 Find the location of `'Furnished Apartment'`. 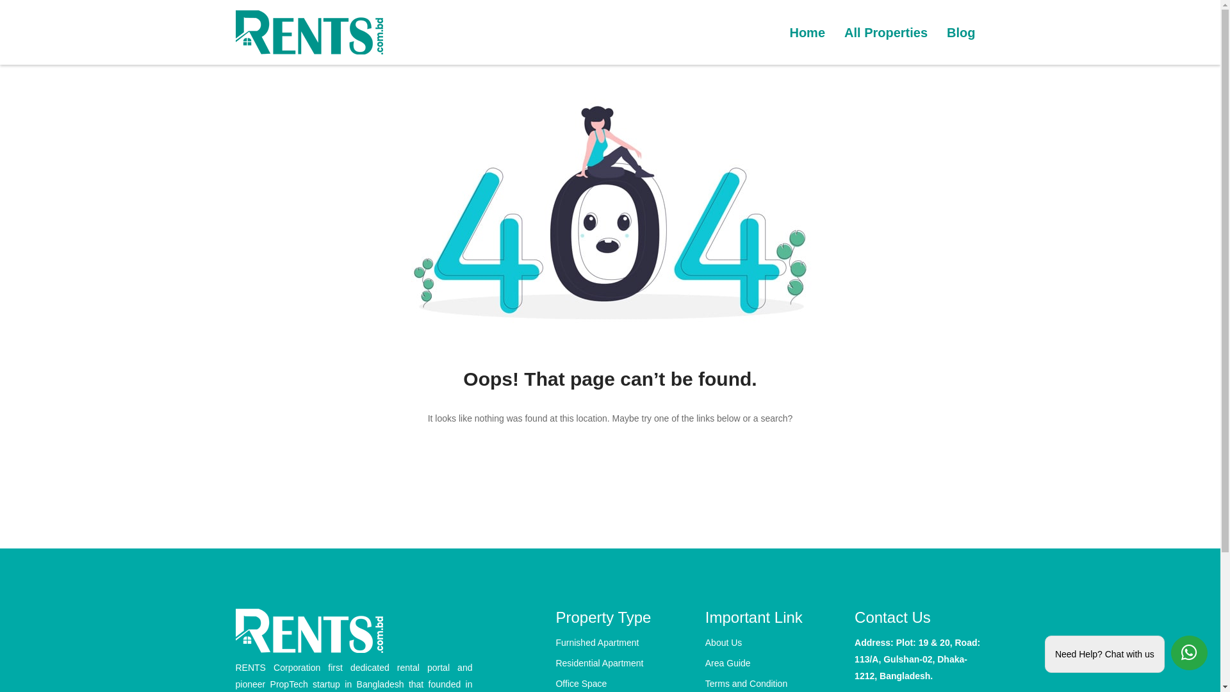

'Furnished Apartment' is located at coordinates (555, 642).